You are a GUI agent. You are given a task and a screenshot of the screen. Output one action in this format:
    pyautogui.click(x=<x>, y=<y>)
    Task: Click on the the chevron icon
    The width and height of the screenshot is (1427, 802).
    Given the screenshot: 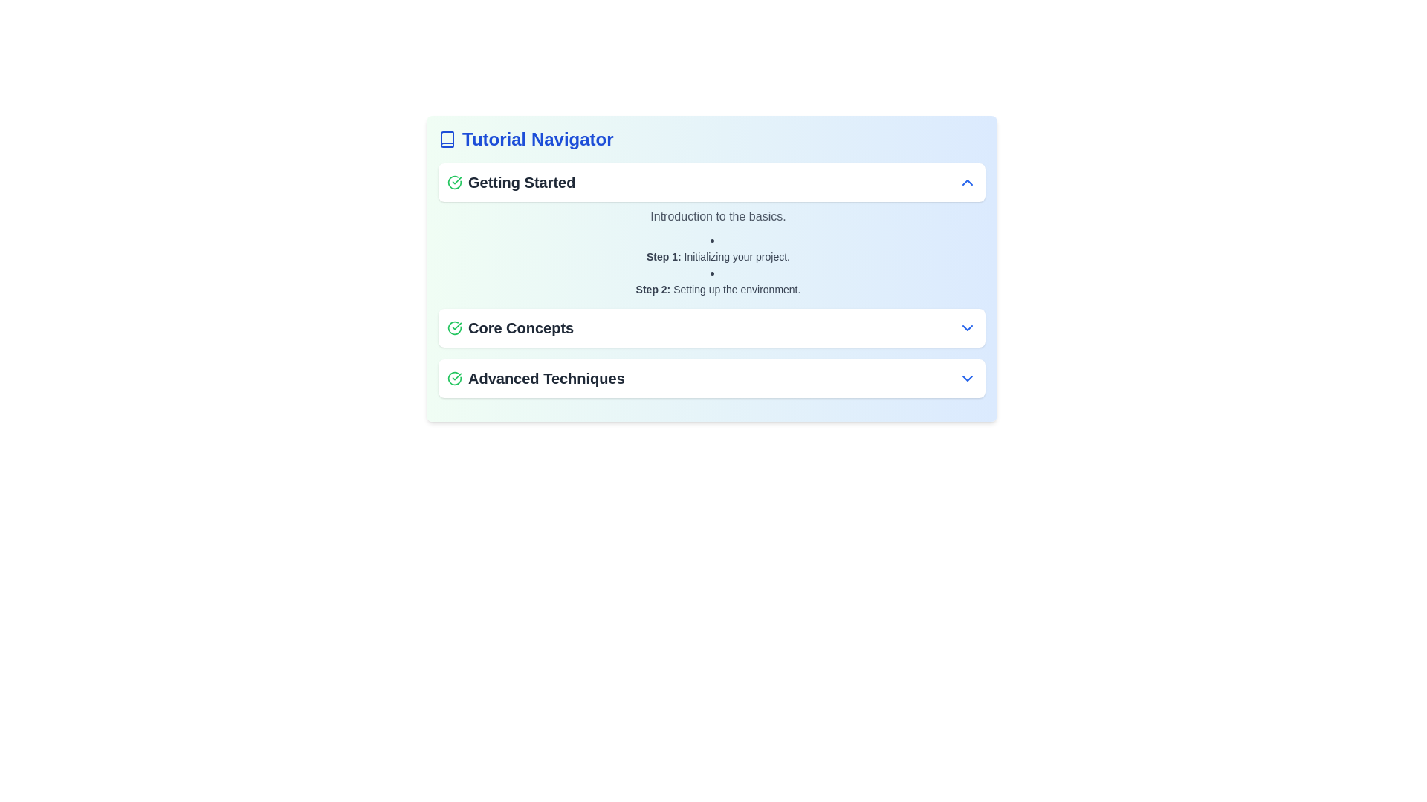 What is the action you would take?
    pyautogui.click(x=967, y=377)
    